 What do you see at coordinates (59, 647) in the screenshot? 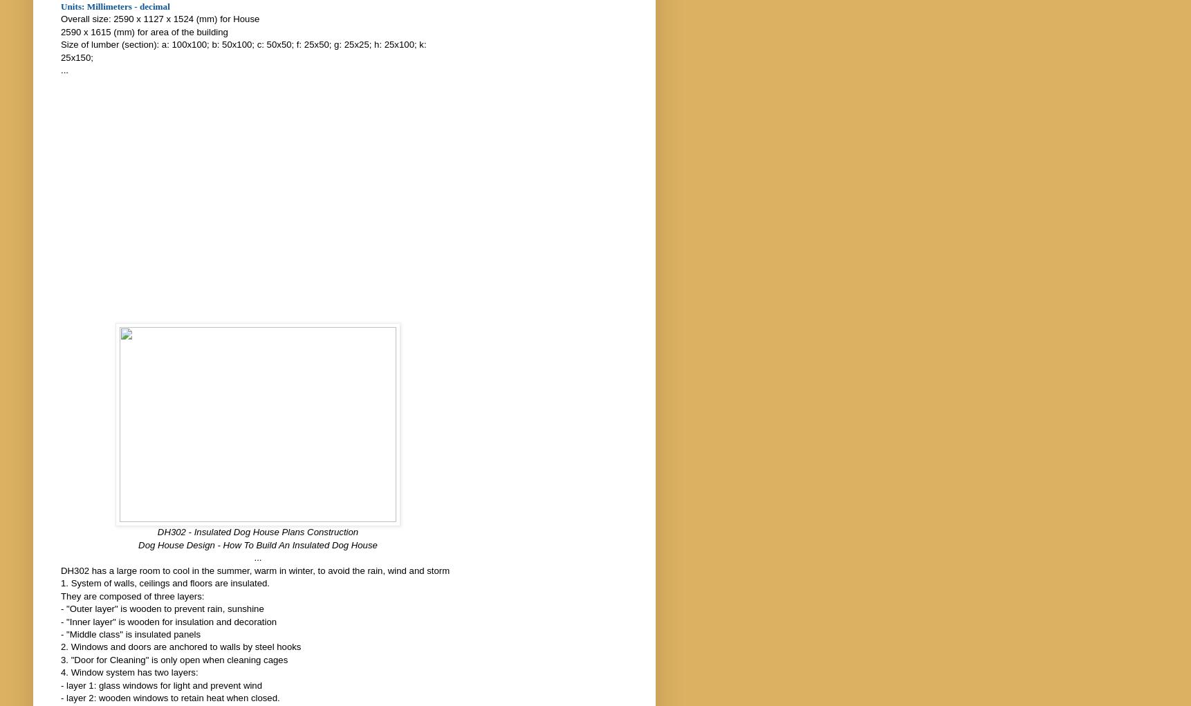
I see `'2. Windows and doors are anchored to walls by steel hooks'` at bounding box center [59, 647].